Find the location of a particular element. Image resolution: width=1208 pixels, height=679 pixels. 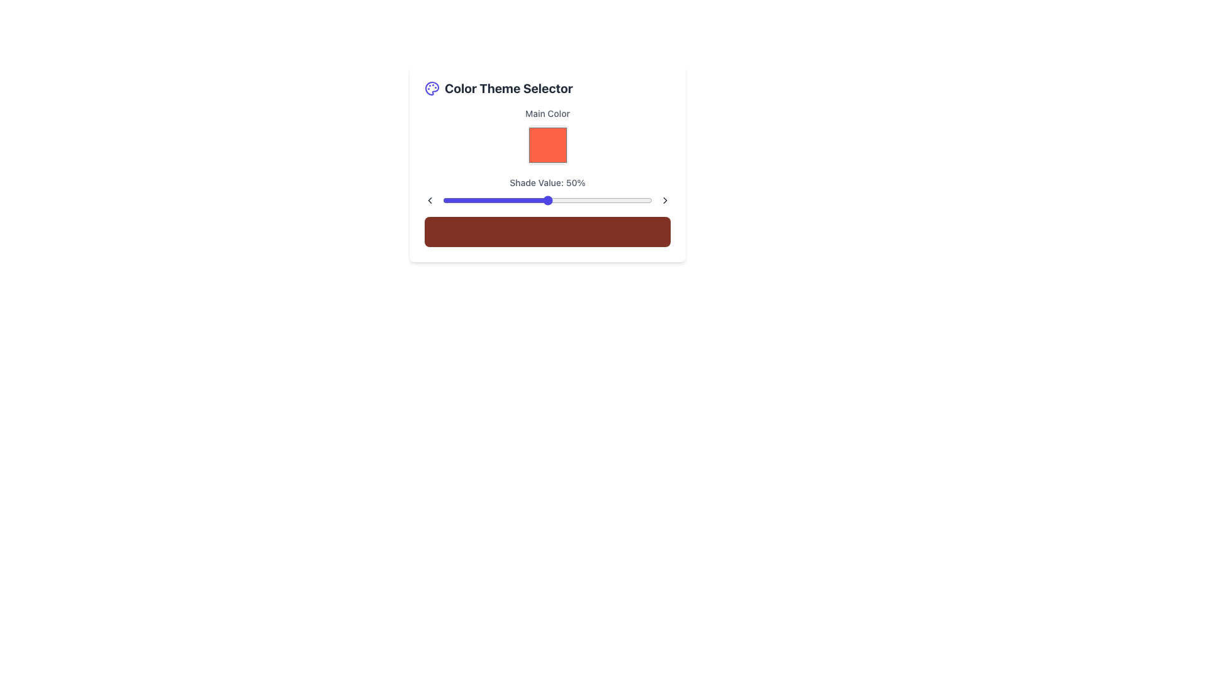

the shade value is located at coordinates (484, 200).